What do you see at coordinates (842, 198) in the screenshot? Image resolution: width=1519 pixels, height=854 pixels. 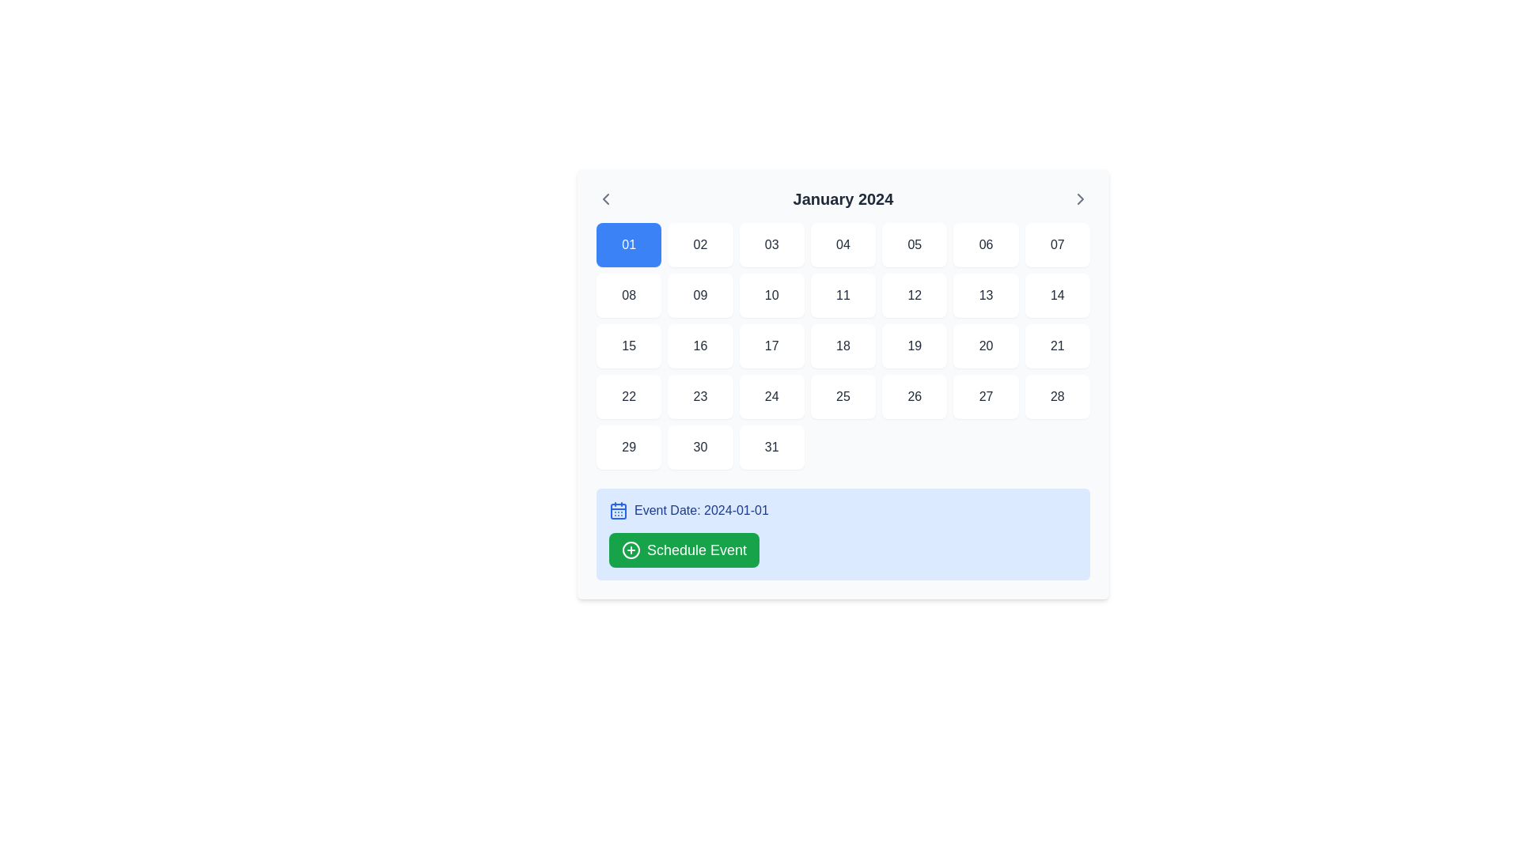 I see `the heading text 'January 2024' at the top of the calendar interface, which is styled in bold and larger font, indicating the currently active month` at bounding box center [842, 198].